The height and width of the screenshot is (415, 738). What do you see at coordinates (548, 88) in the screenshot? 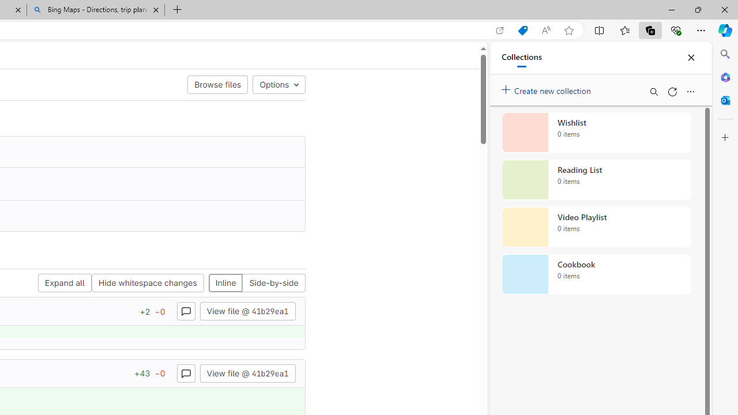
I see `'Create new collection'` at bounding box center [548, 88].